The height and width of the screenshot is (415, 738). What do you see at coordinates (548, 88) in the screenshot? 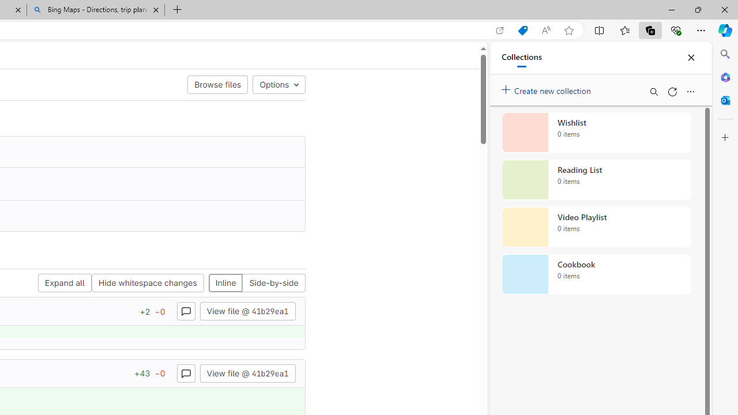
I see `'Create new collection'` at bounding box center [548, 88].